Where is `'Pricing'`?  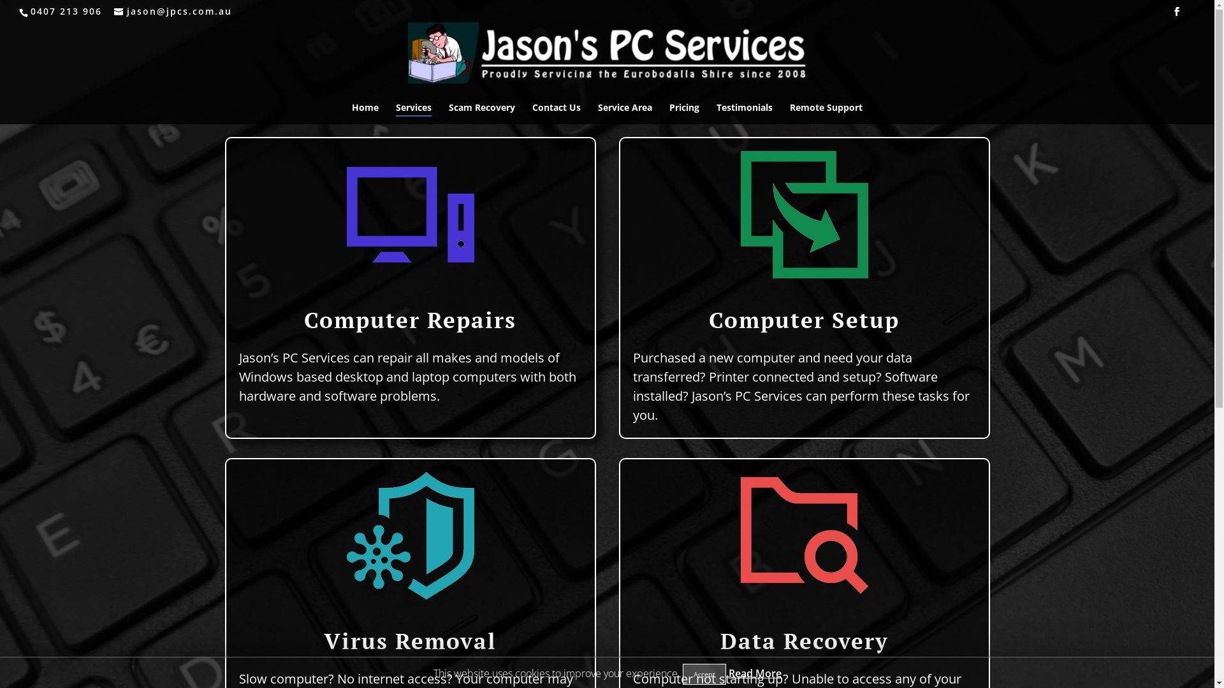 'Pricing' is located at coordinates (683, 112).